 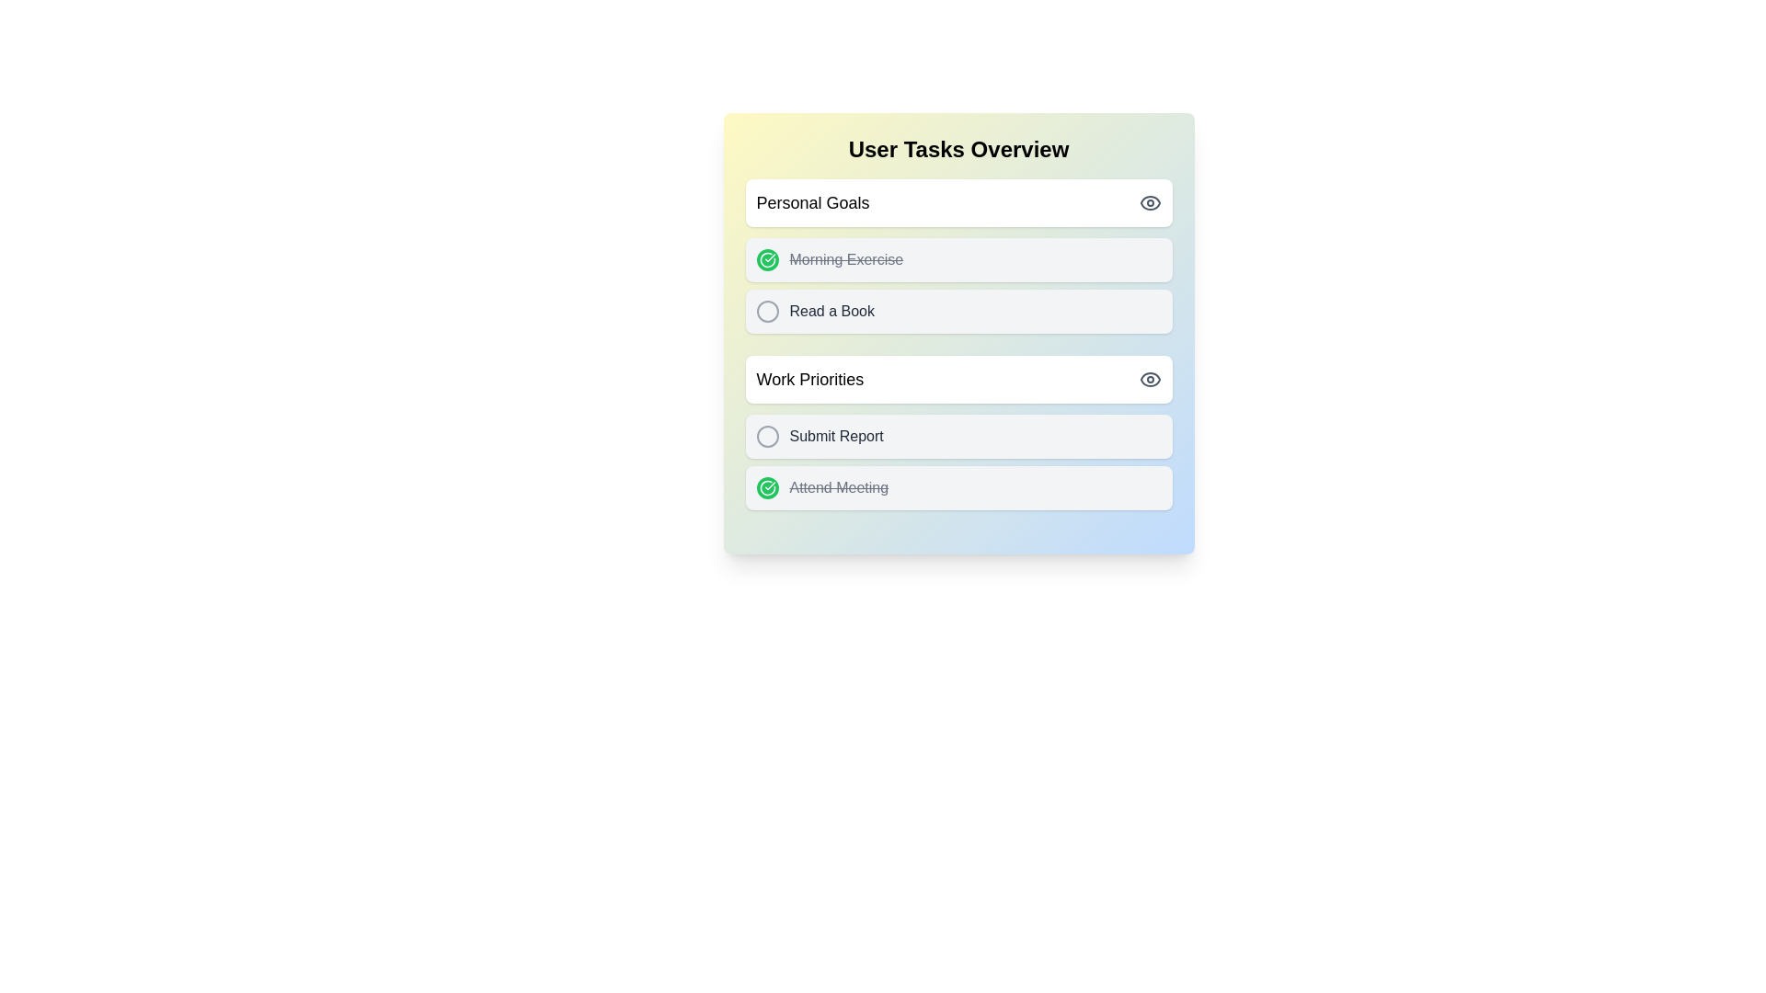 What do you see at coordinates (767, 259) in the screenshot?
I see `the green circular status indicator with a white checkmark next to 'Attend Meeting' in the 'Work Priorities' section` at bounding box center [767, 259].